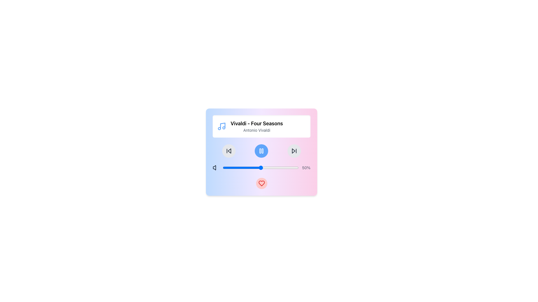 The height and width of the screenshot is (302, 538). Describe the element at coordinates (214, 167) in the screenshot. I see `the speaker or volume control icon located in the bottom left portion of the music player interface` at that location.